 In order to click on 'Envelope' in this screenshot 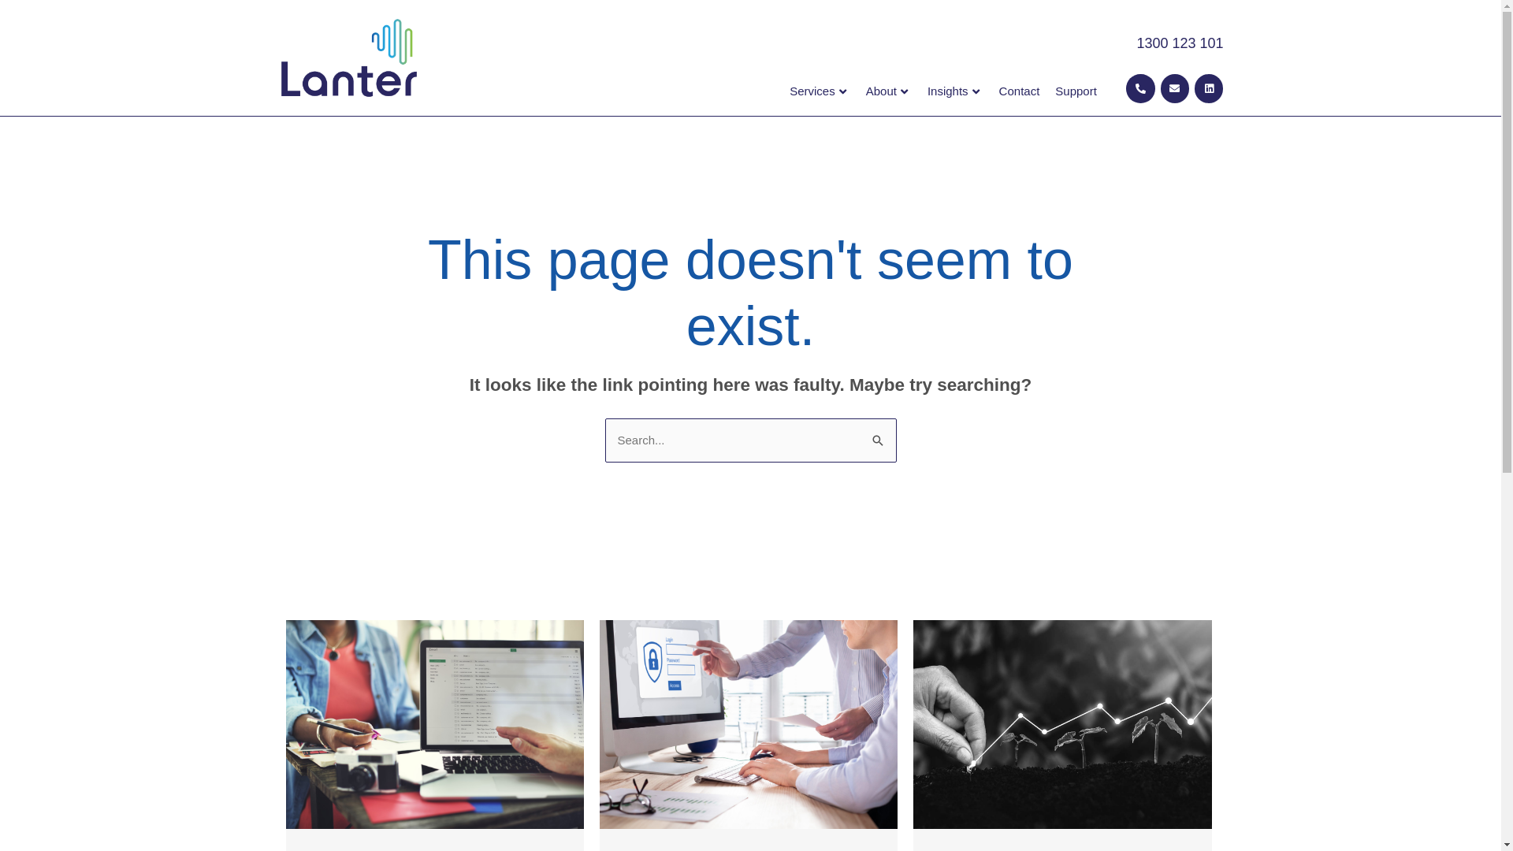, I will do `click(1161, 87)`.